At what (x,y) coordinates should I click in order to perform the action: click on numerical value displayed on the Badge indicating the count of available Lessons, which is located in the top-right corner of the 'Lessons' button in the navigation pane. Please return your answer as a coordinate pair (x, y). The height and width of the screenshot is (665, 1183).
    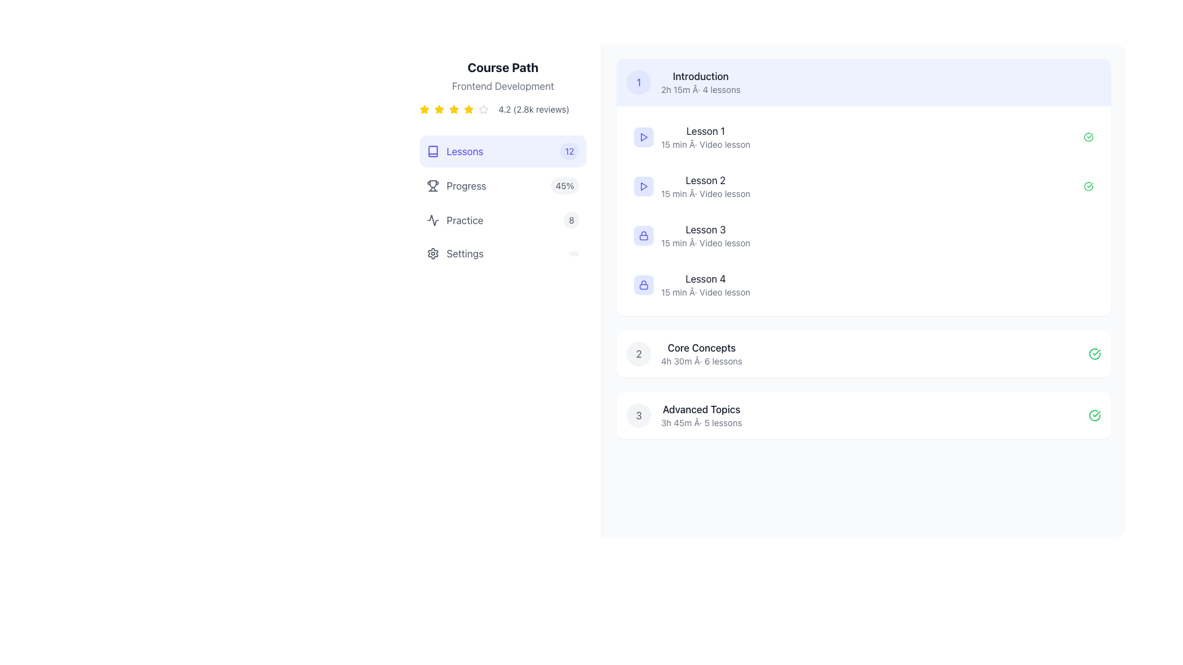
    Looking at the image, I should click on (569, 151).